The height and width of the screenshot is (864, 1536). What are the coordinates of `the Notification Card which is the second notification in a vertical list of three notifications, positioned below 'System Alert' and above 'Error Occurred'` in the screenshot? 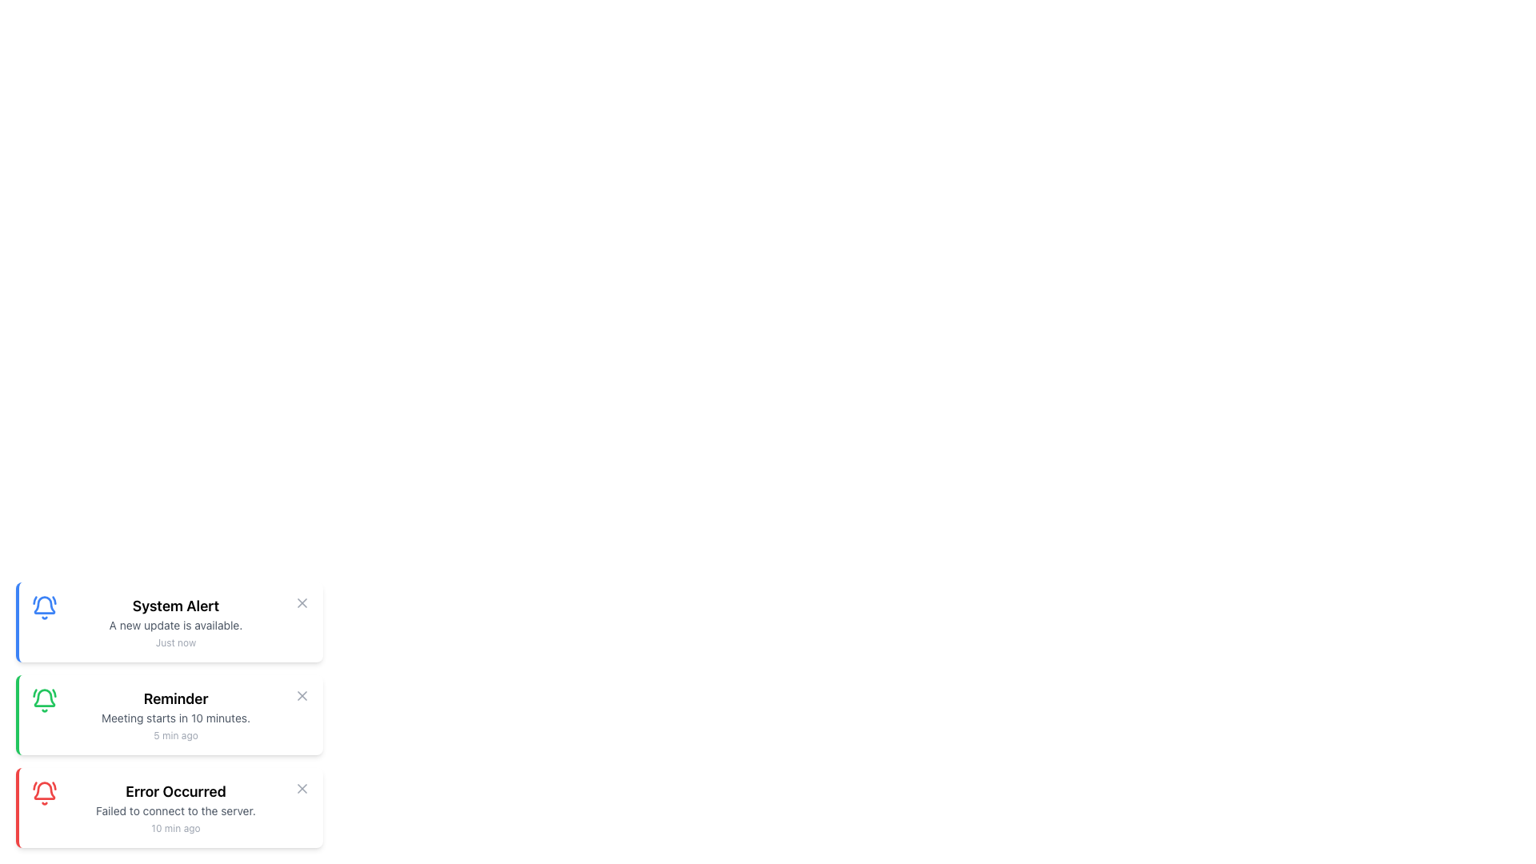 It's located at (169, 714).